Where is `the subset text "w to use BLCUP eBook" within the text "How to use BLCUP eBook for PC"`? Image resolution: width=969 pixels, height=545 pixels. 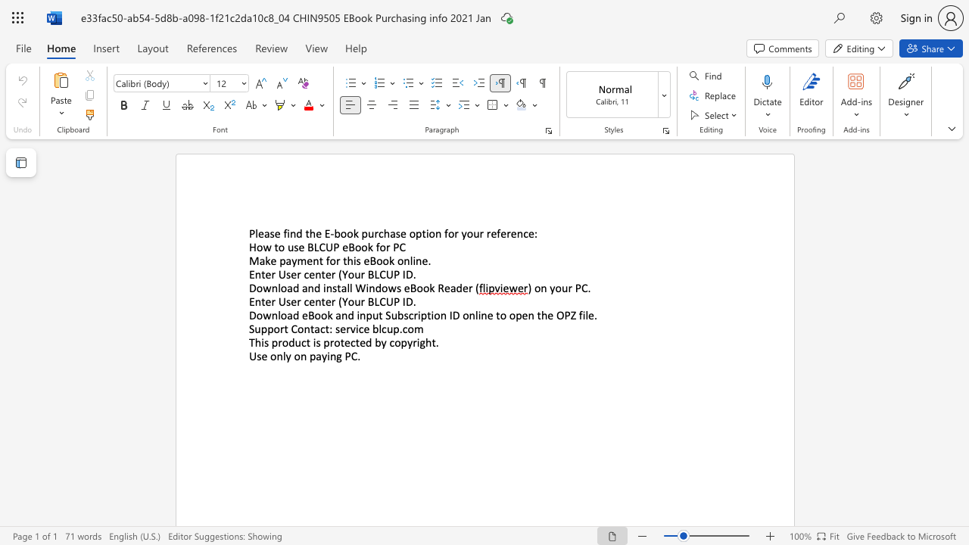
the subset text "w to use BLCUP eBook" within the text "How to use BLCUP eBook for PC" is located at coordinates (263, 246).